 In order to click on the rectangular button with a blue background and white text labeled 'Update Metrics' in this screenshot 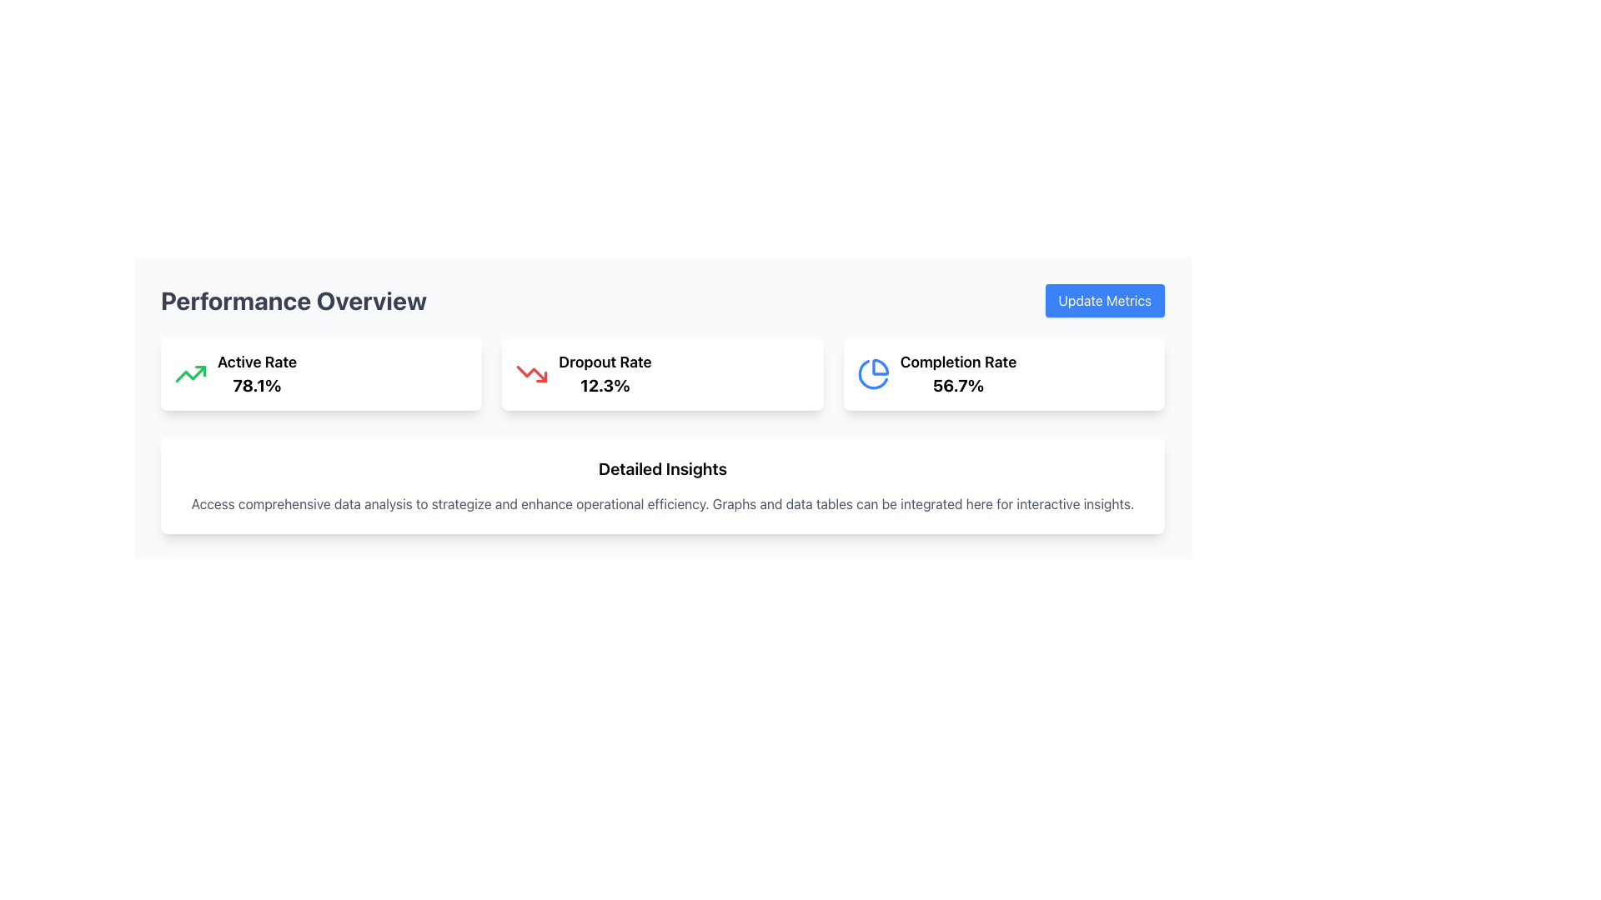, I will do `click(1105, 301)`.